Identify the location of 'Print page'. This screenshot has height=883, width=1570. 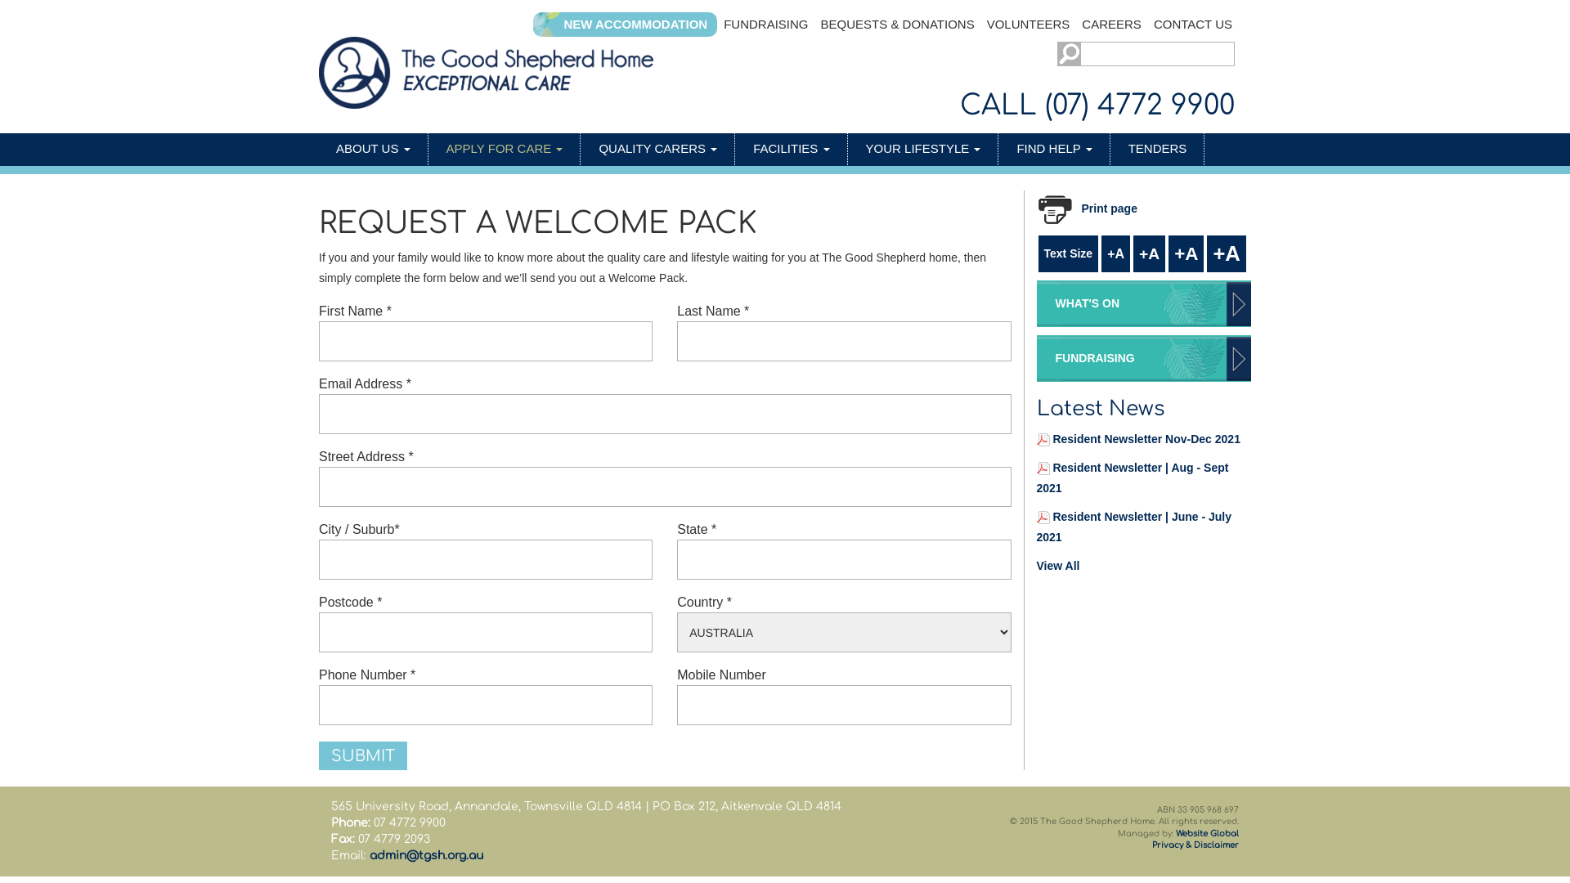
(1093, 208).